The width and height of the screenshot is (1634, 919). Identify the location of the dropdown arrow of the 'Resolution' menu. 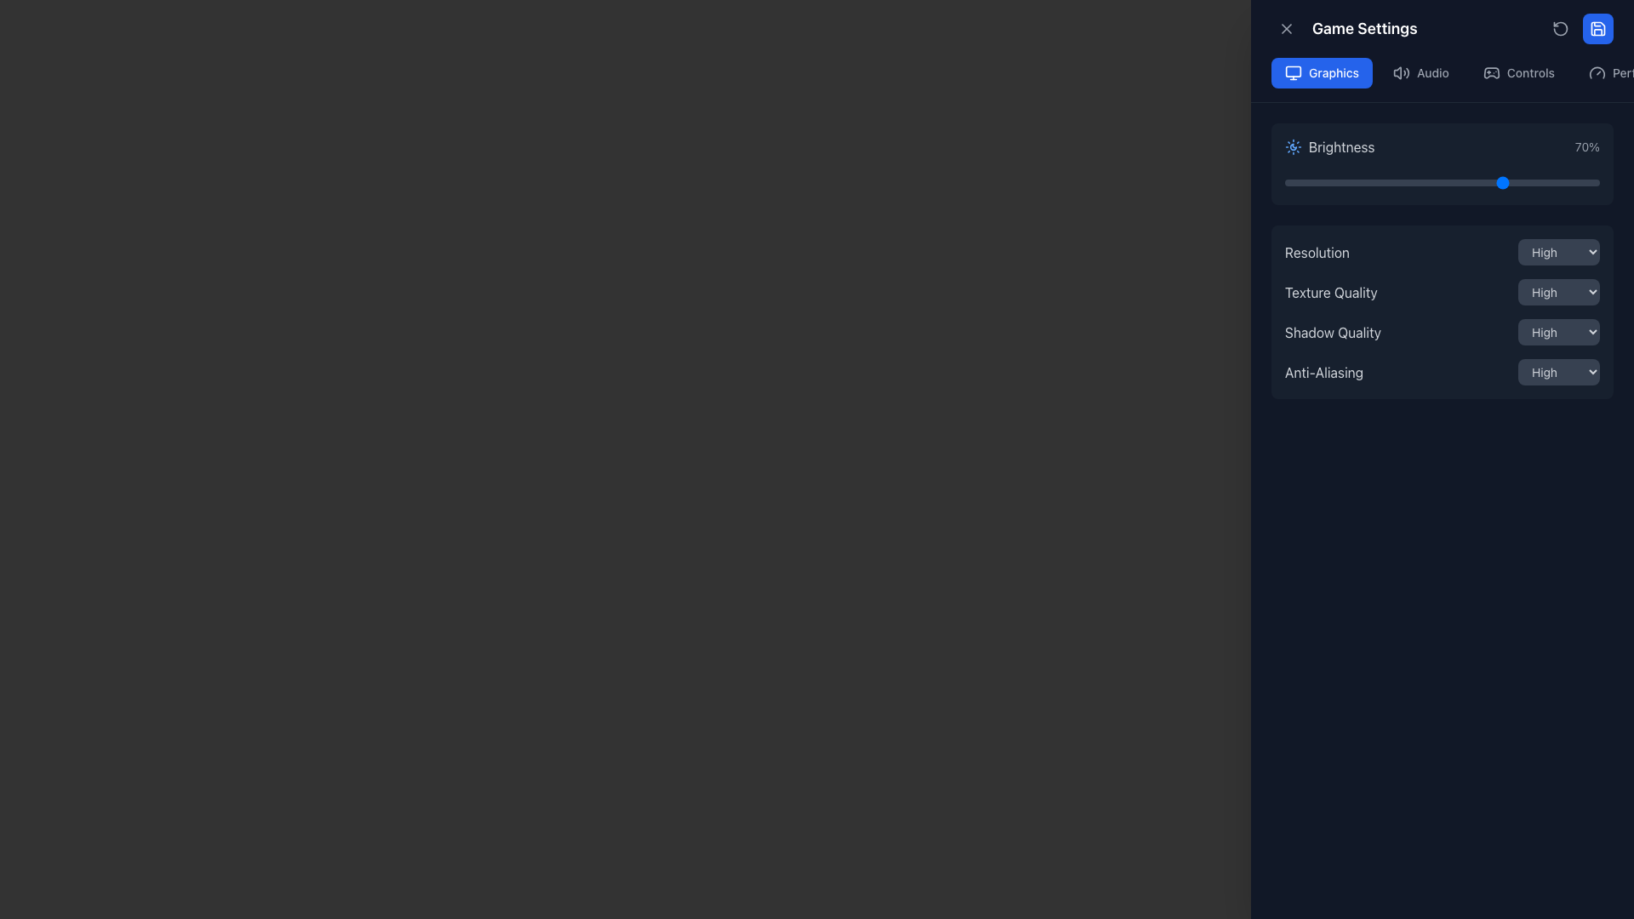
(1441, 252).